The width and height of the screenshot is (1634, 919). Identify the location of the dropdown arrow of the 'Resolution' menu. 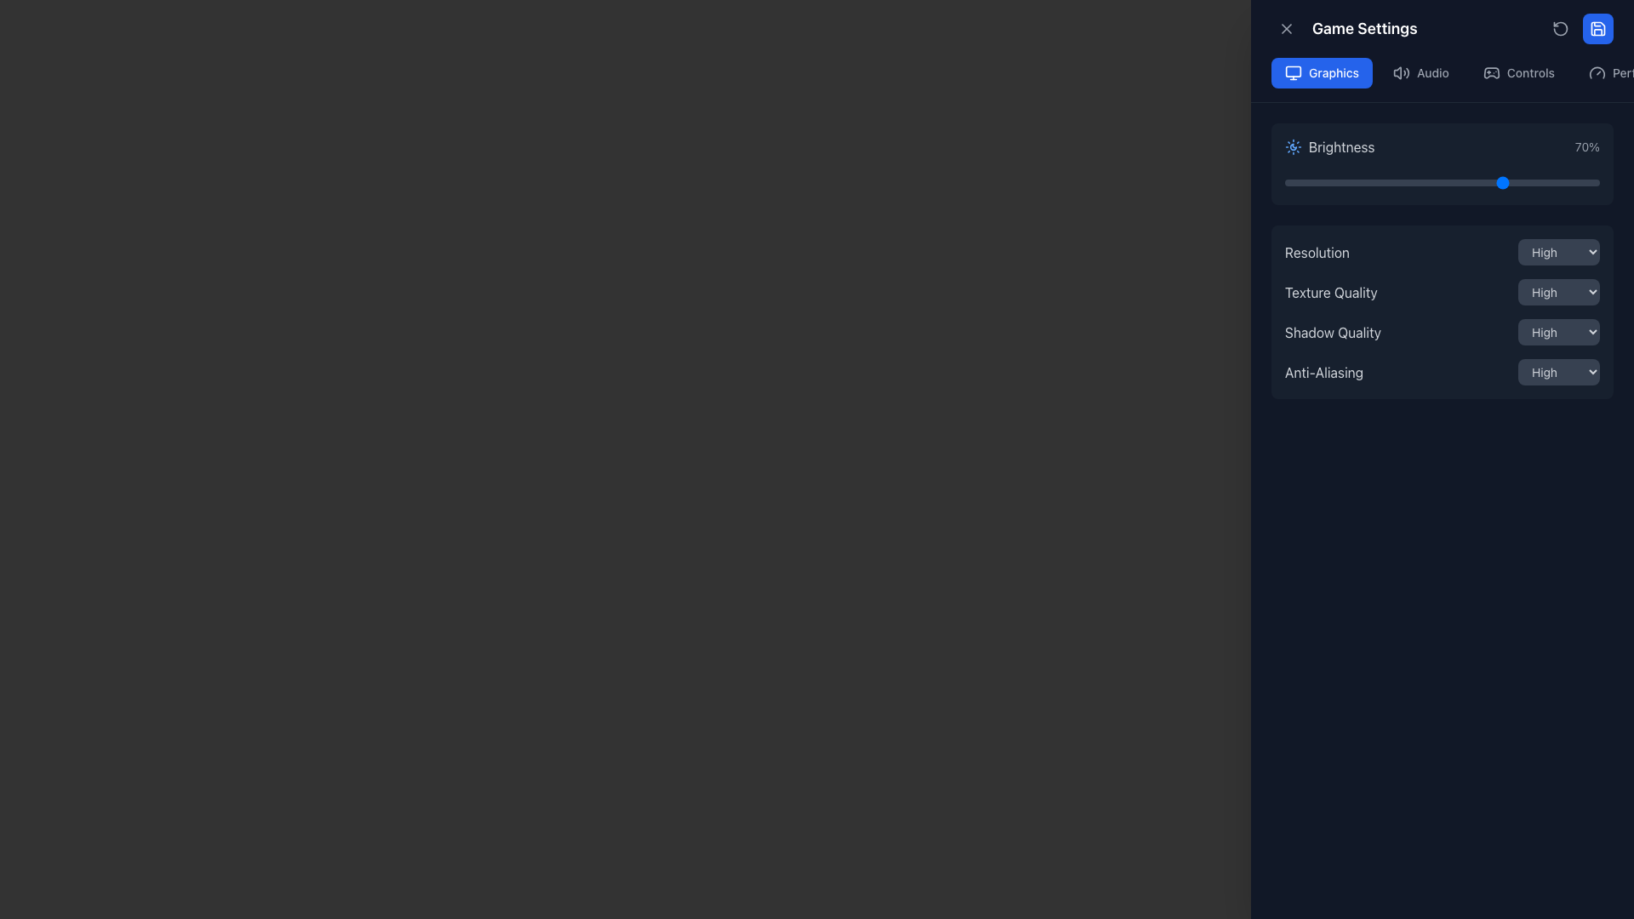
(1441, 252).